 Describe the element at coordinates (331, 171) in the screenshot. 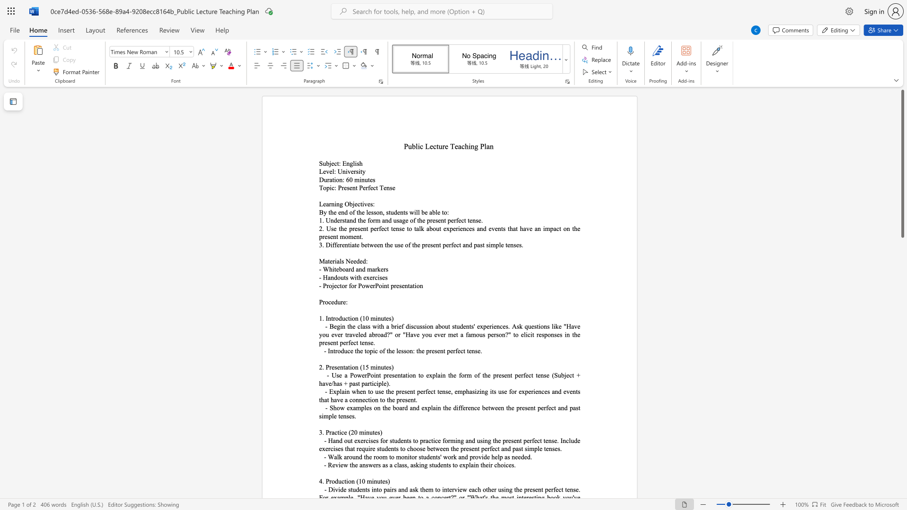

I see `the 2th character "e" in the text` at that location.